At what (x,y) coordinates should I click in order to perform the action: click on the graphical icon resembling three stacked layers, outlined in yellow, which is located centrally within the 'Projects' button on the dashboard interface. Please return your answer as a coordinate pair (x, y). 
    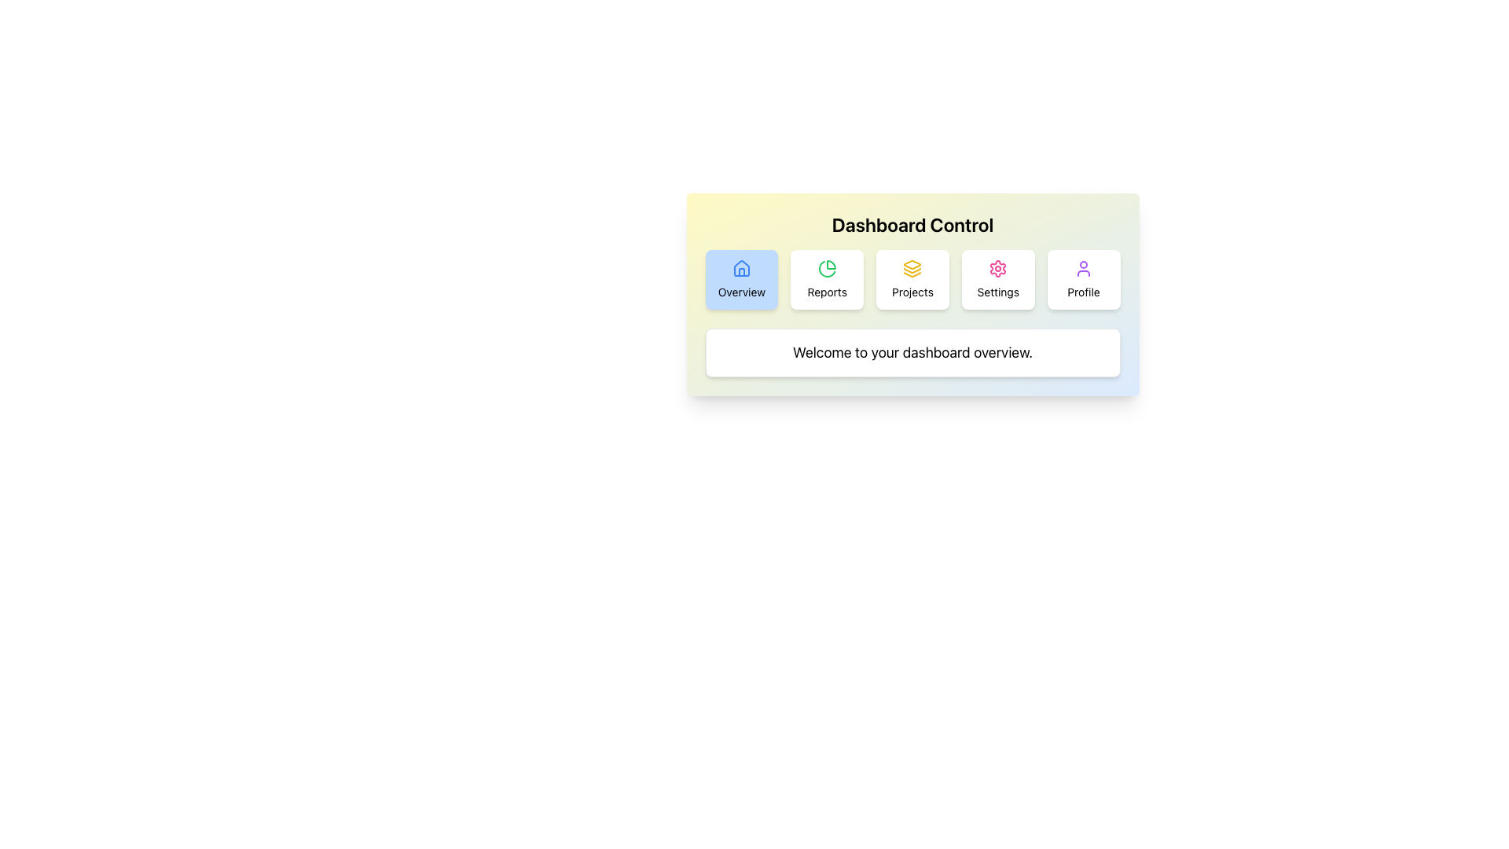
    Looking at the image, I should click on (912, 268).